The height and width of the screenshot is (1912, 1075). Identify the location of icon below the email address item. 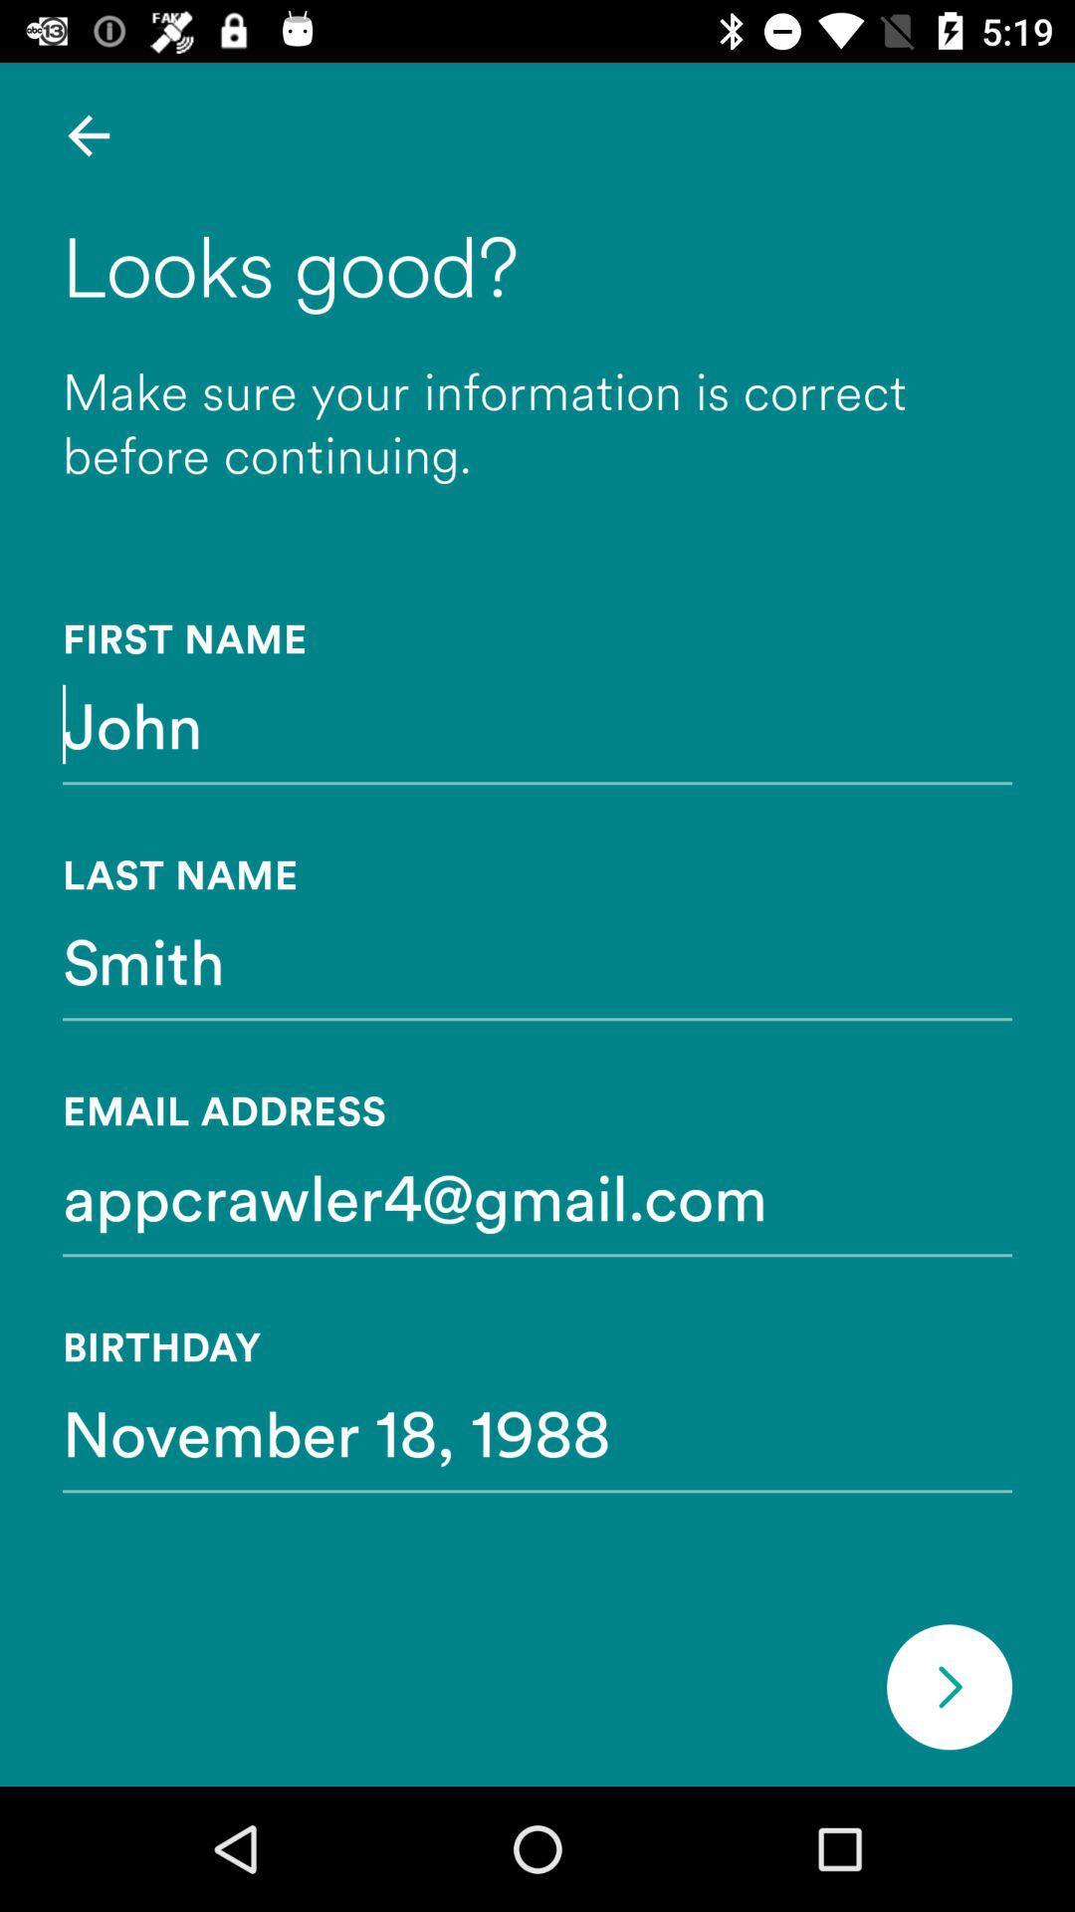
(537, 1195).